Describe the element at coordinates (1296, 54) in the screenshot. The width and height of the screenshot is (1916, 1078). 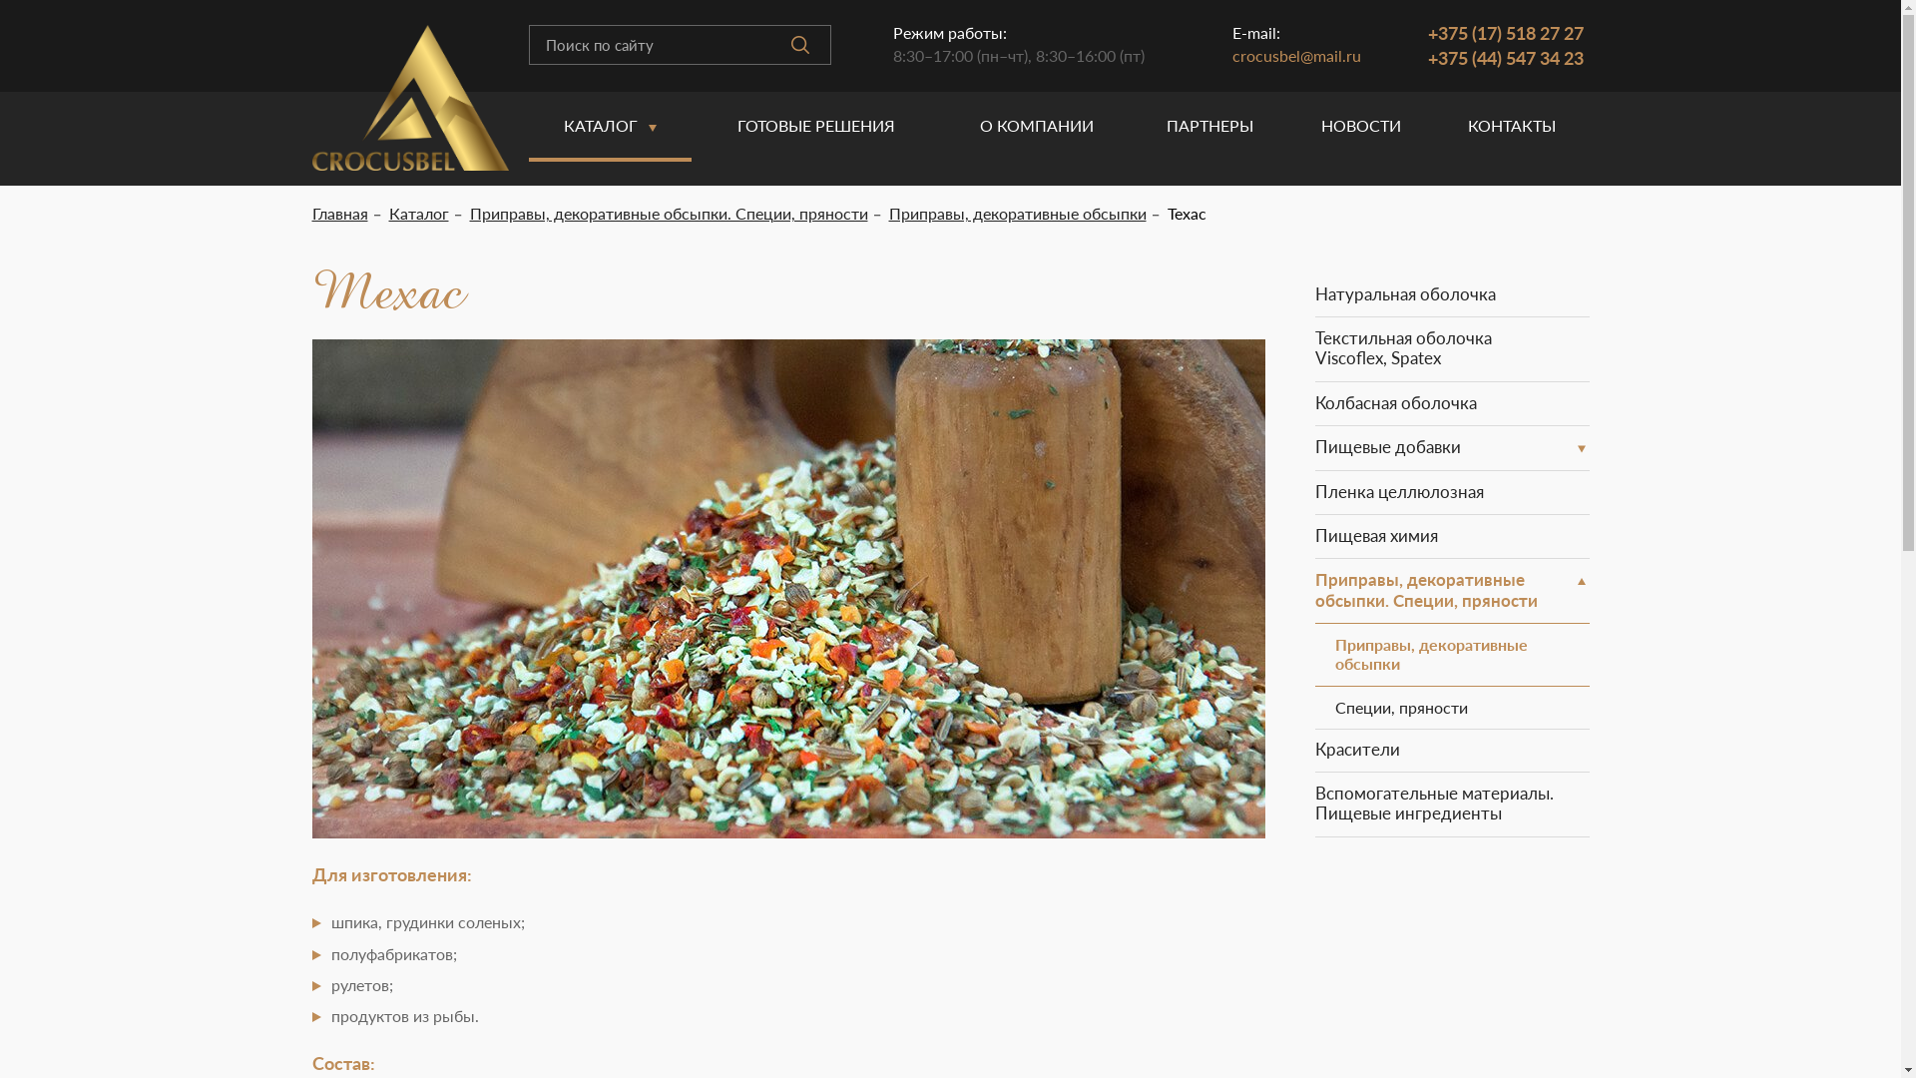
I see `'crocusbel@mail.ru'` at that location.